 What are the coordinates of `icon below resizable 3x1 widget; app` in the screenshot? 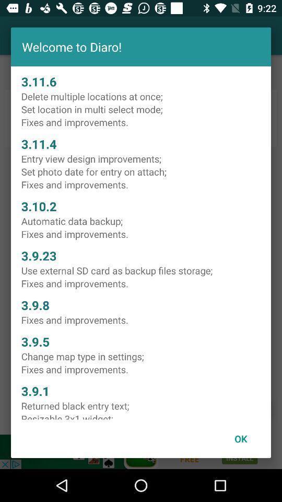 It's located at (241, 439).